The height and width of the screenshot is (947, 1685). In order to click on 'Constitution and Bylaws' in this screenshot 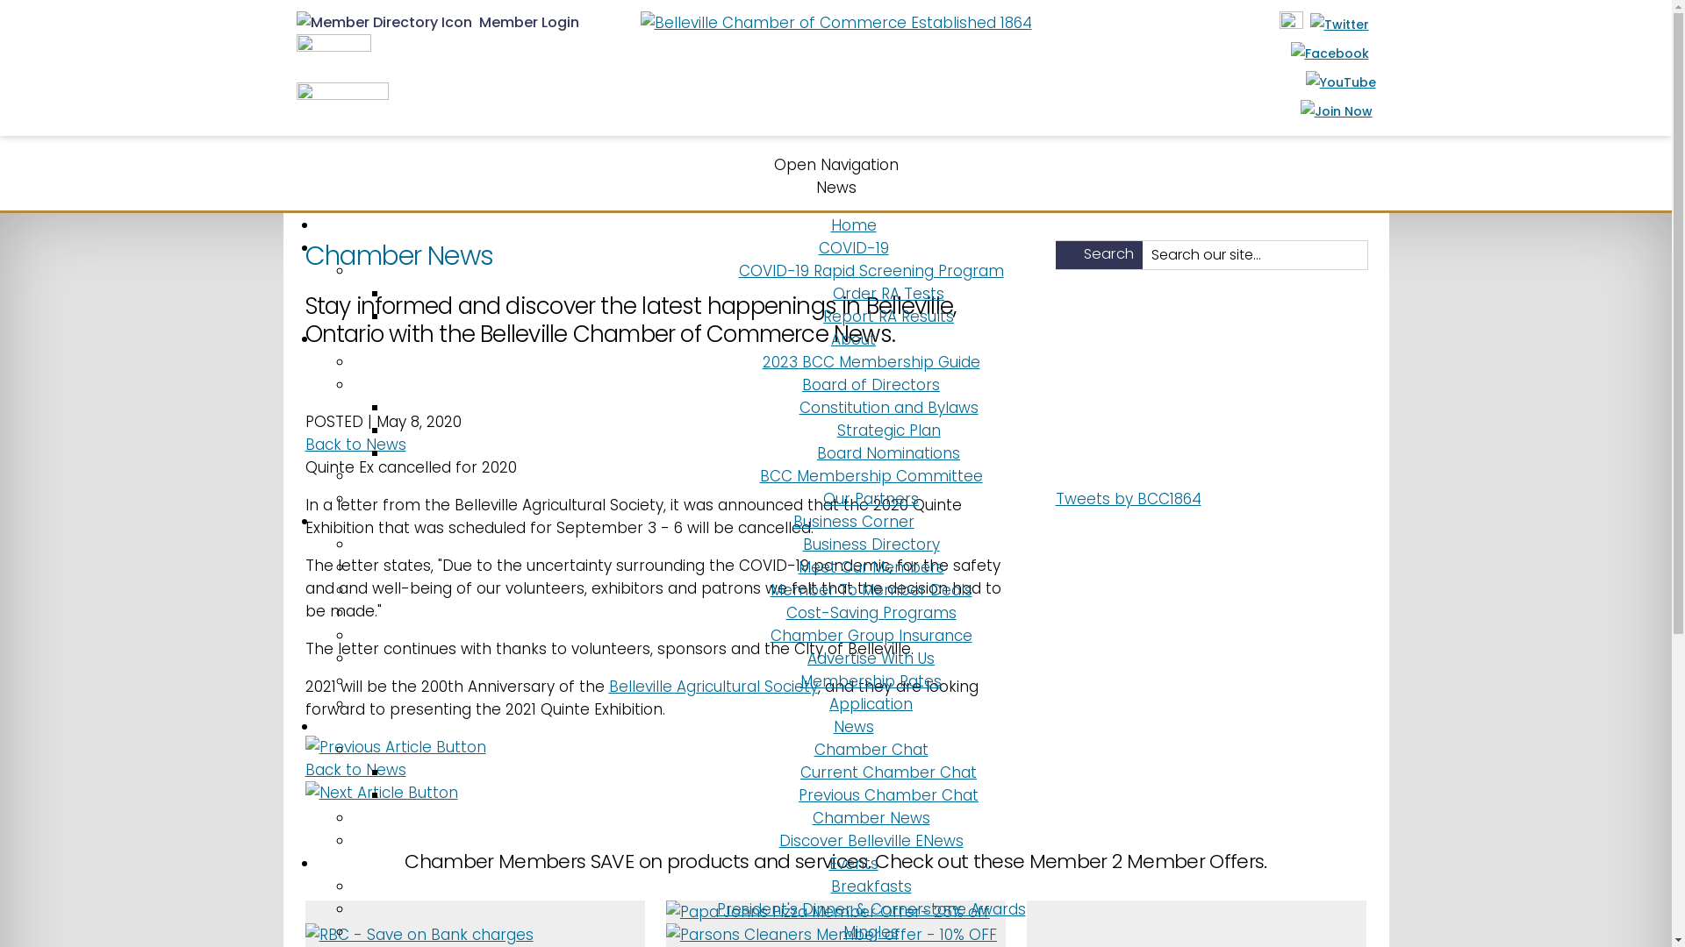, I will do `click(888, 408)`.